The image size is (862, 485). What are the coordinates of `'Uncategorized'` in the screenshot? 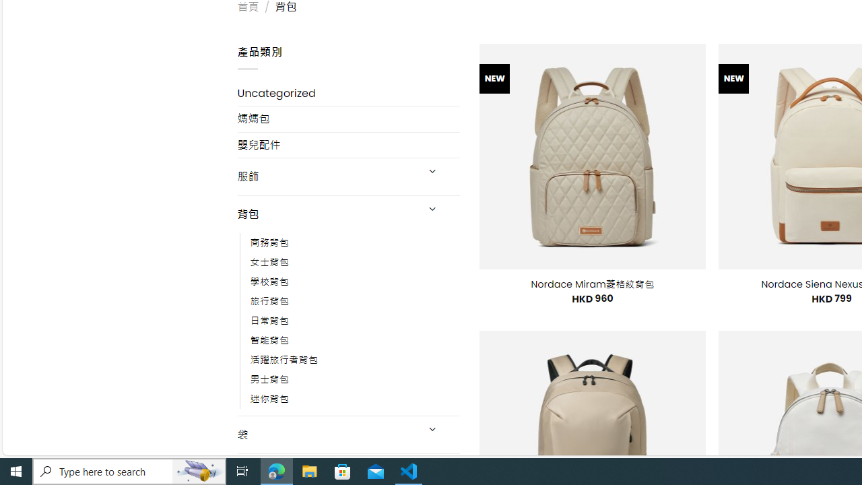 It's located at (348, 92).